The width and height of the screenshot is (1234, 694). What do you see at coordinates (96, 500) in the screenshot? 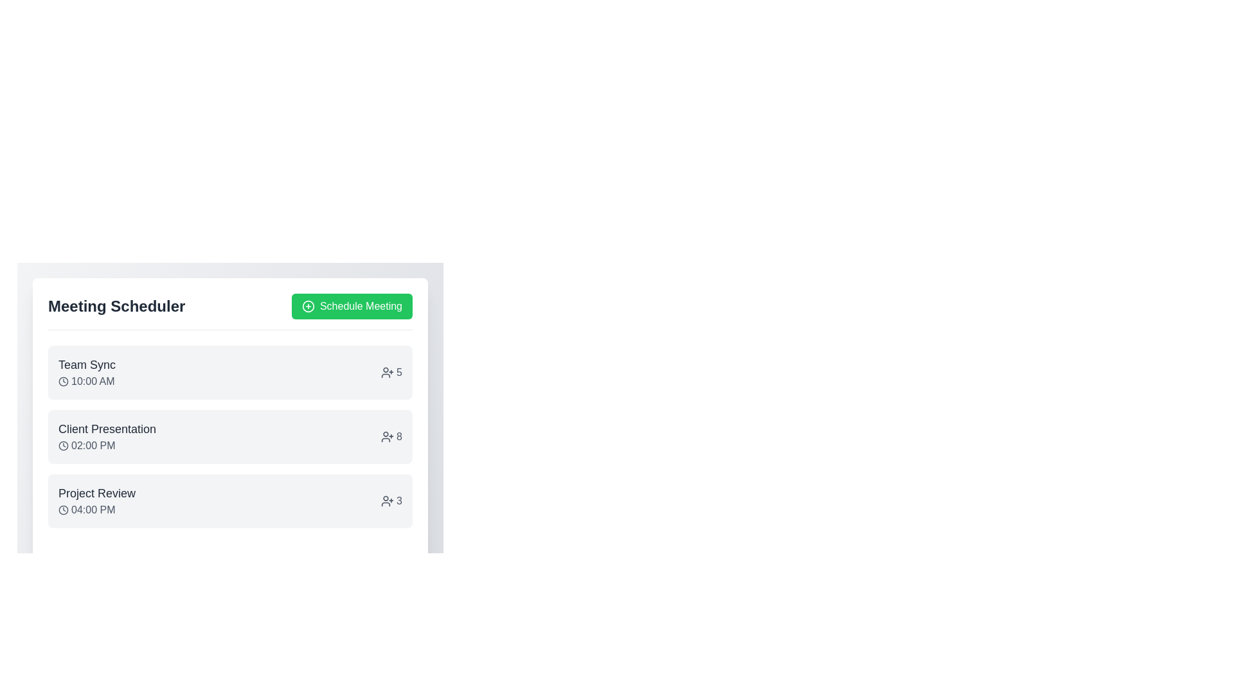
I see `the text label for the scheduled meeting located in the 'Meeting Scheduler' section` at bounding box center [96, 500].